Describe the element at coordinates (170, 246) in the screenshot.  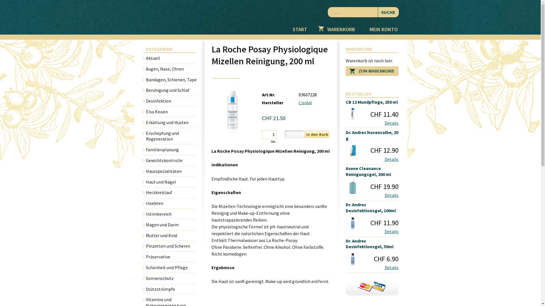
I see `'Pinzetten und Scheren'` at that location.